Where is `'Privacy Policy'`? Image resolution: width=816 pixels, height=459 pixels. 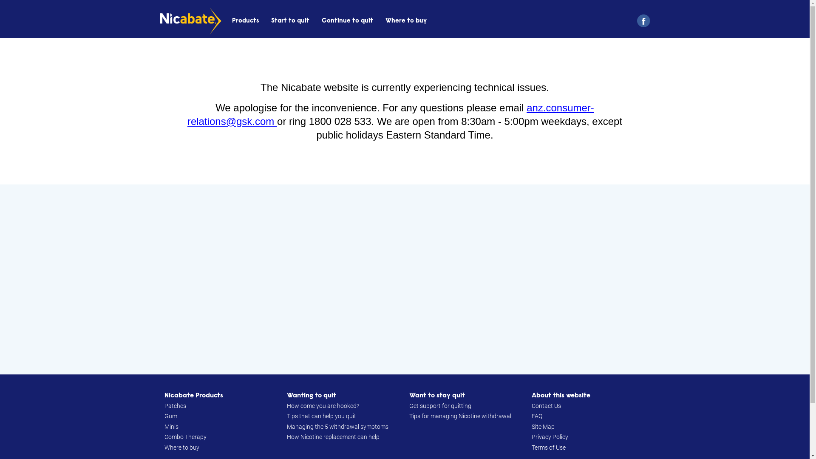 'Privacy Policy' is located at coordinates (549, 437).